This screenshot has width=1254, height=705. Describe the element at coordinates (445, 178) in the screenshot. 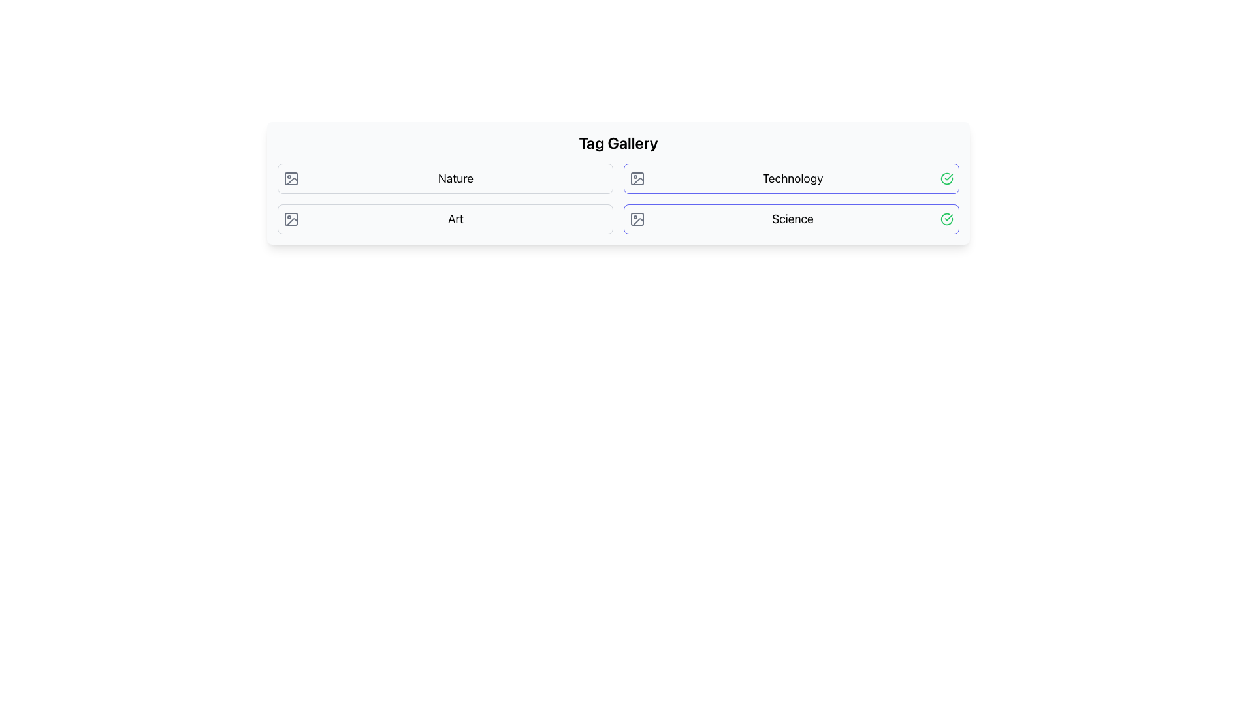

I see `the 'Nature' button, which is a horizontally rectangular button with a border and an image thumbnail icon on the left, located in the top-left of the grid under the 'Tag Gallery' title` at that location.